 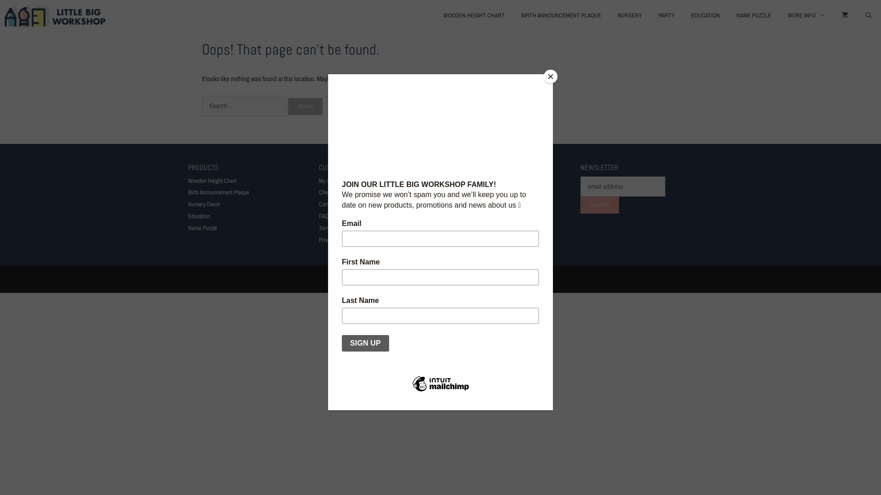 I want to click on 'My account', so click(x=330, y=181).